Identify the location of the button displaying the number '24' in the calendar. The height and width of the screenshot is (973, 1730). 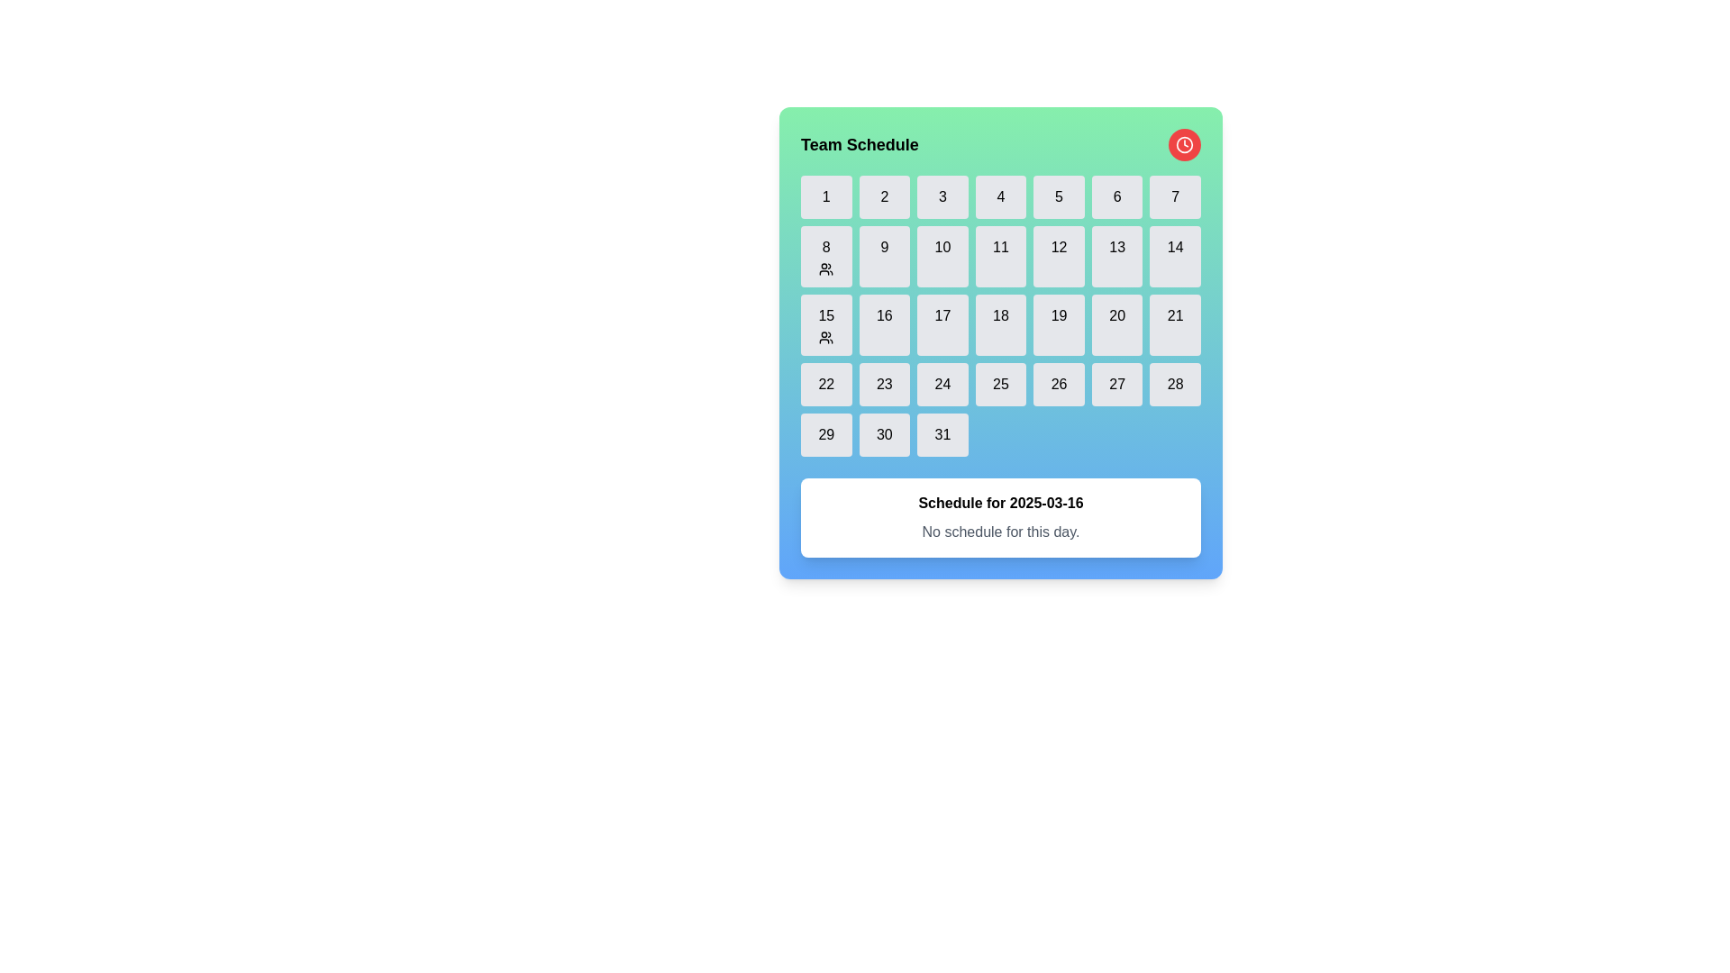
(942, 384).